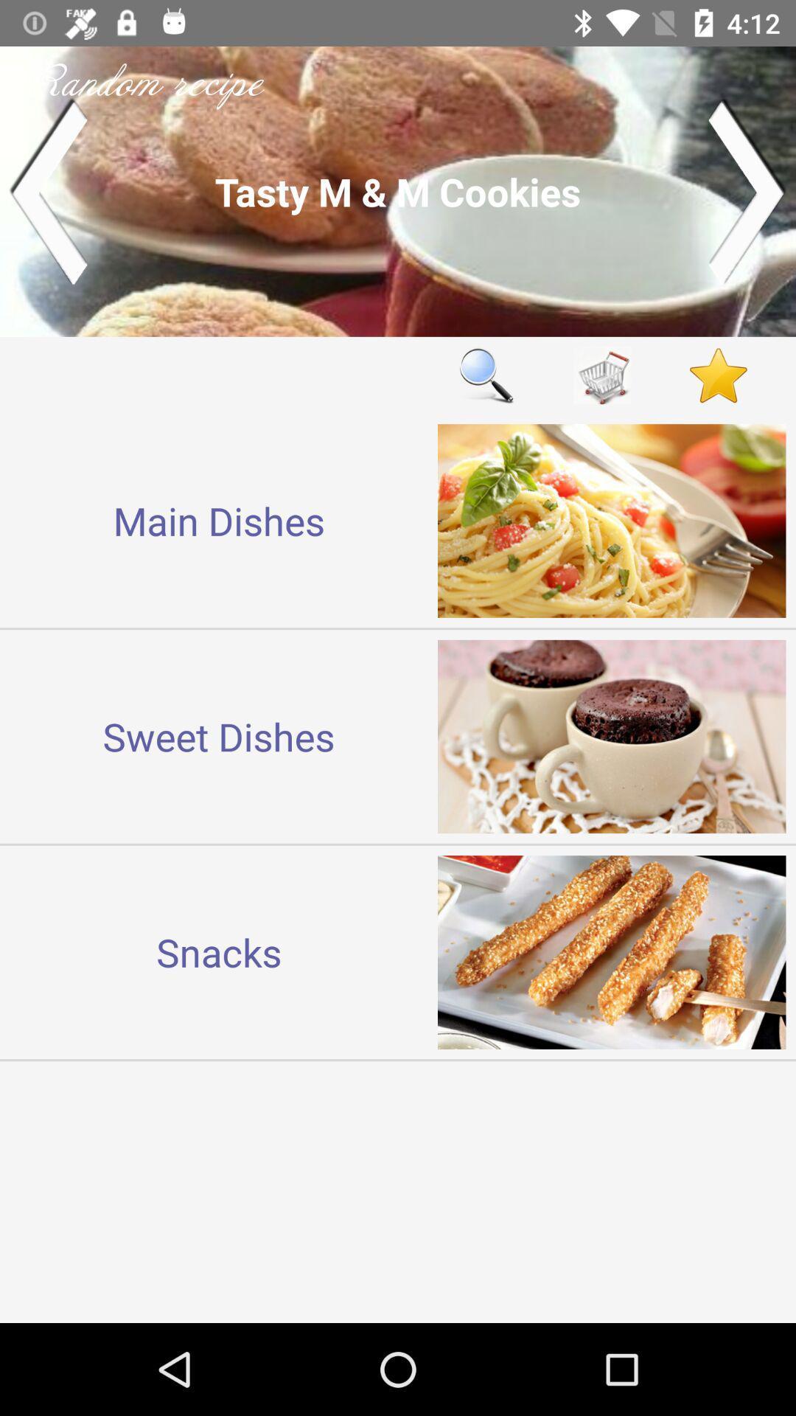  What do you see at coordinates (747, 190) in the screenshot?
I see `next recipe` at bounding box center [747, 190].